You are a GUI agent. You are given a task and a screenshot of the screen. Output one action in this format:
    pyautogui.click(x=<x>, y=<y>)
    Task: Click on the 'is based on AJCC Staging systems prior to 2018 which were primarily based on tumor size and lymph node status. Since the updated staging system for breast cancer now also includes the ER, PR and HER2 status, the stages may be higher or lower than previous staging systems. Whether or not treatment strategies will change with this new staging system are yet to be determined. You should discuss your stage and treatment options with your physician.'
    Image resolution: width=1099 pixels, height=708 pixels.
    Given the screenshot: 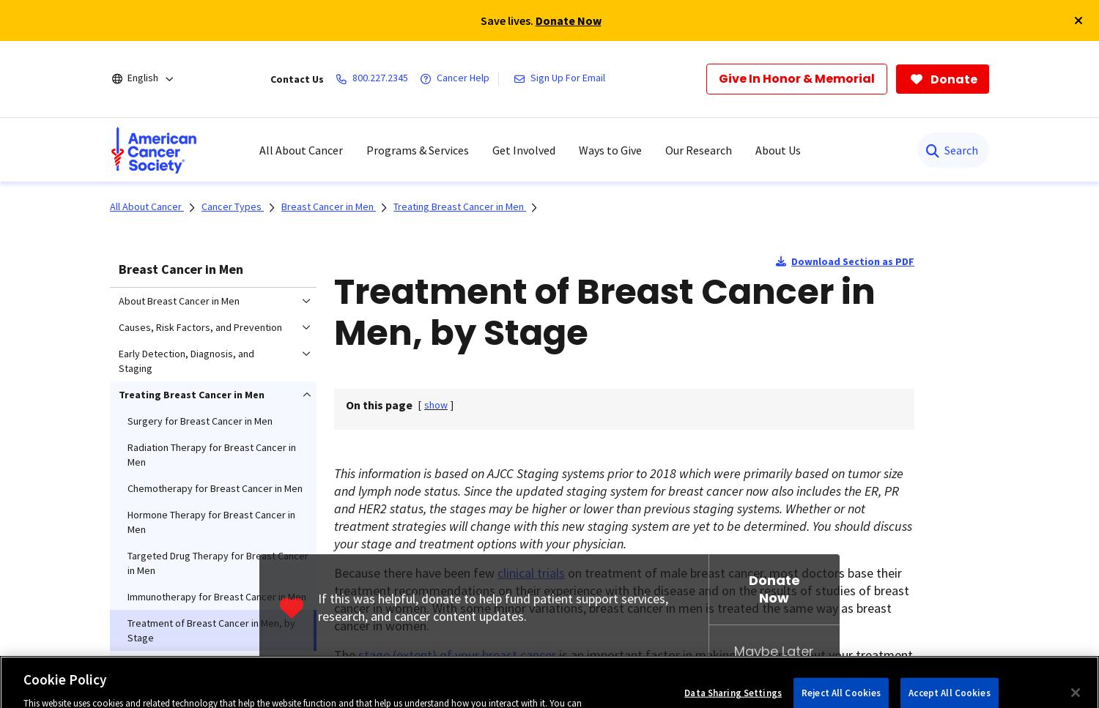 What is the action you would take?
    pyautogui.click(x=622, y=508)
    